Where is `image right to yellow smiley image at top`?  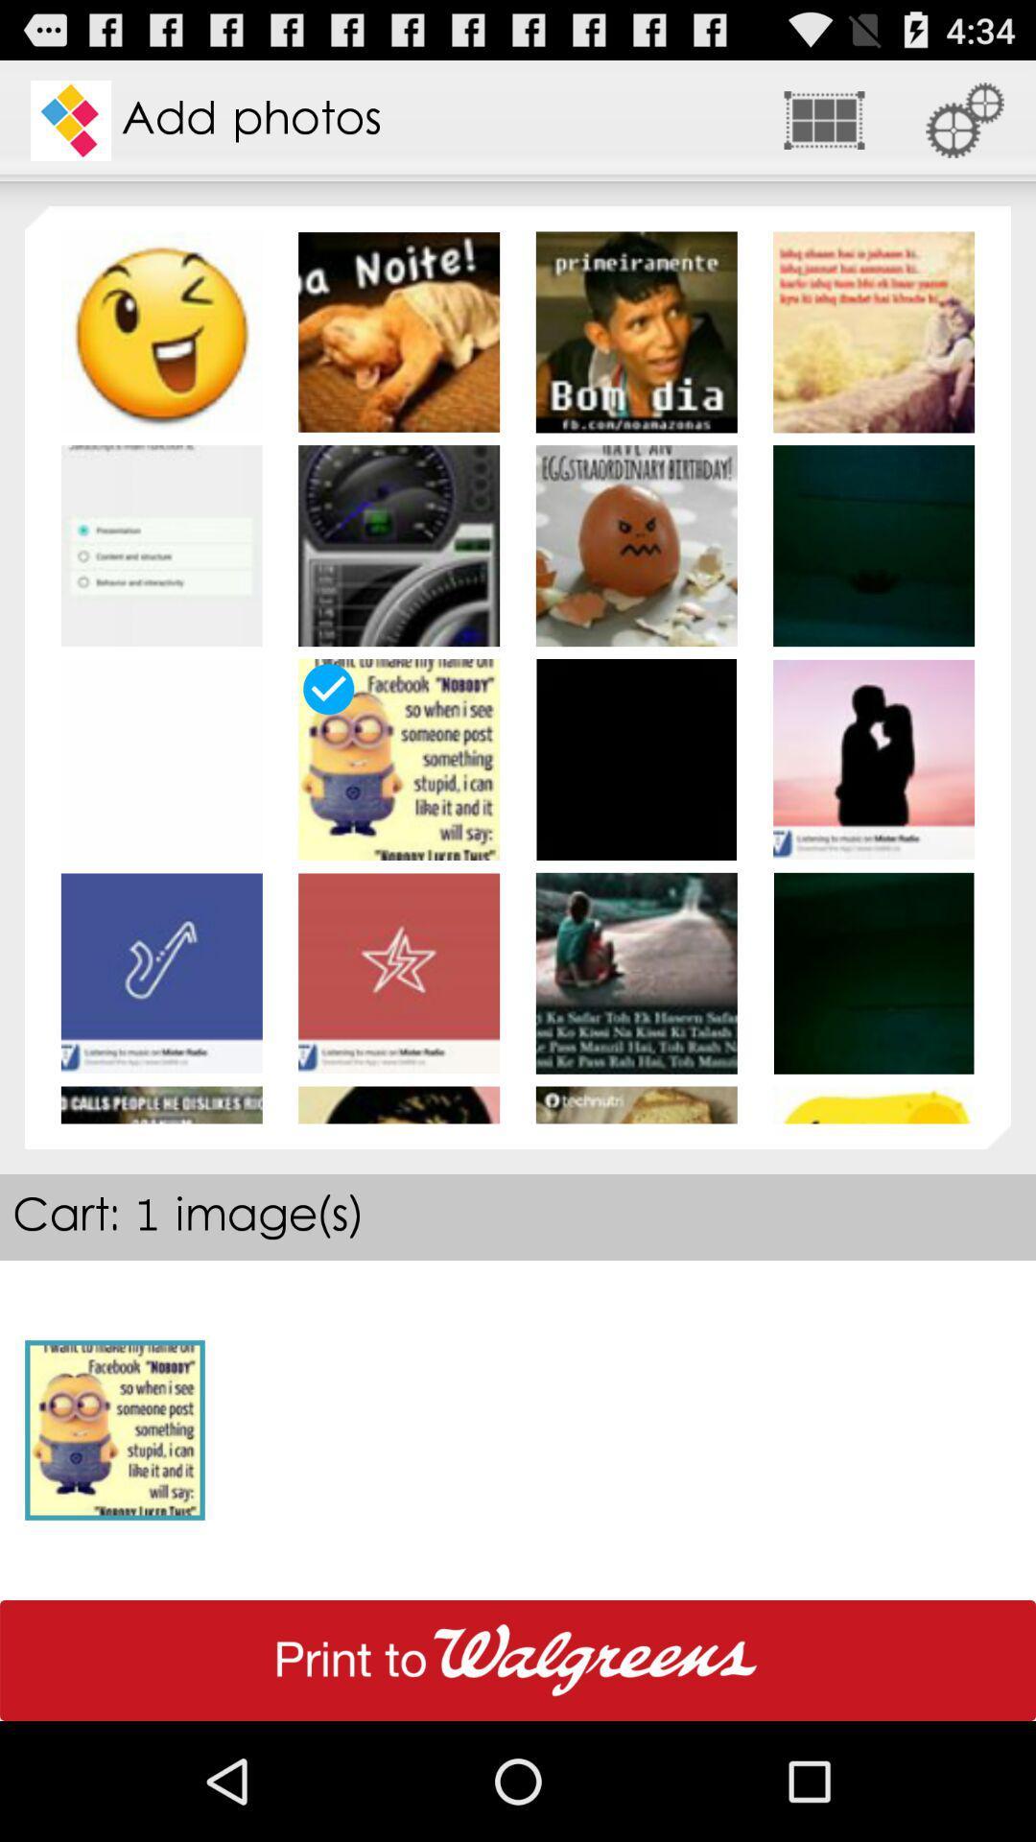
image right to yellow smiley image at top is located at coordinates (398, 332).